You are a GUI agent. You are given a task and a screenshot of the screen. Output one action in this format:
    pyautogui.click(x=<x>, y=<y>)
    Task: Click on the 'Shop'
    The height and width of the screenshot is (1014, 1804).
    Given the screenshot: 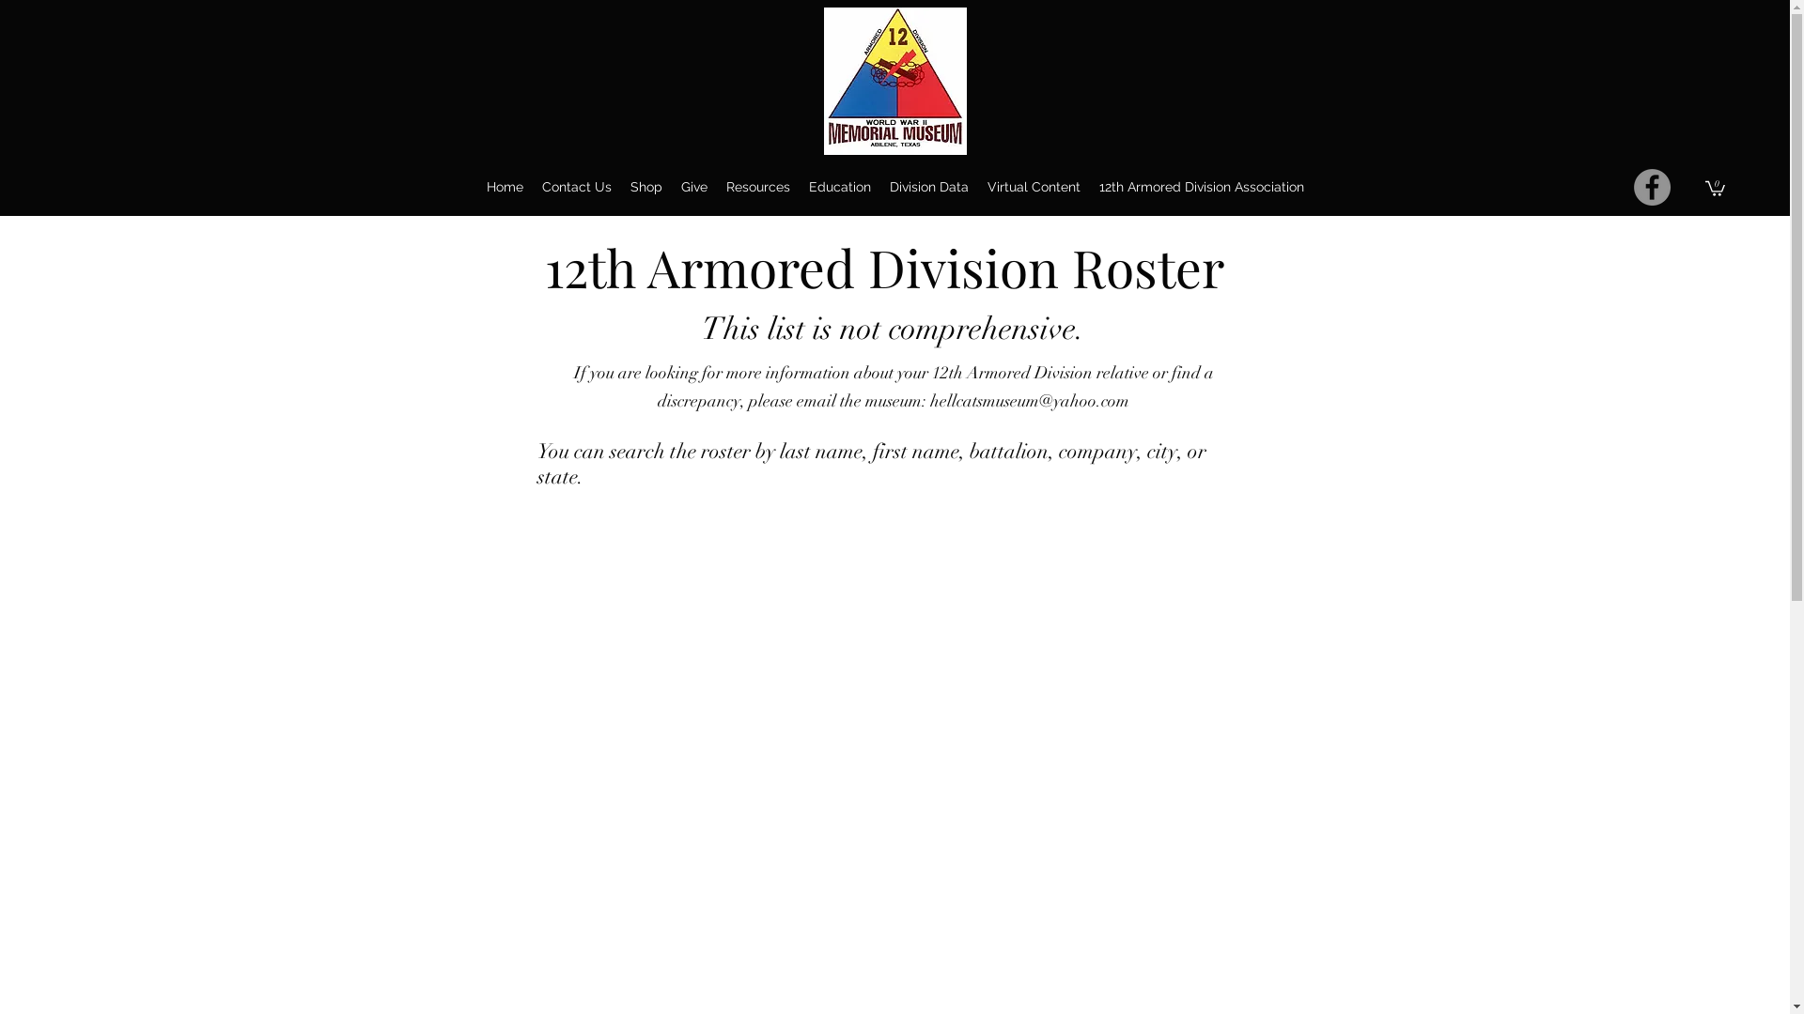 What is the action you would take?
    pyautogui.click(x=645, y=187)
    